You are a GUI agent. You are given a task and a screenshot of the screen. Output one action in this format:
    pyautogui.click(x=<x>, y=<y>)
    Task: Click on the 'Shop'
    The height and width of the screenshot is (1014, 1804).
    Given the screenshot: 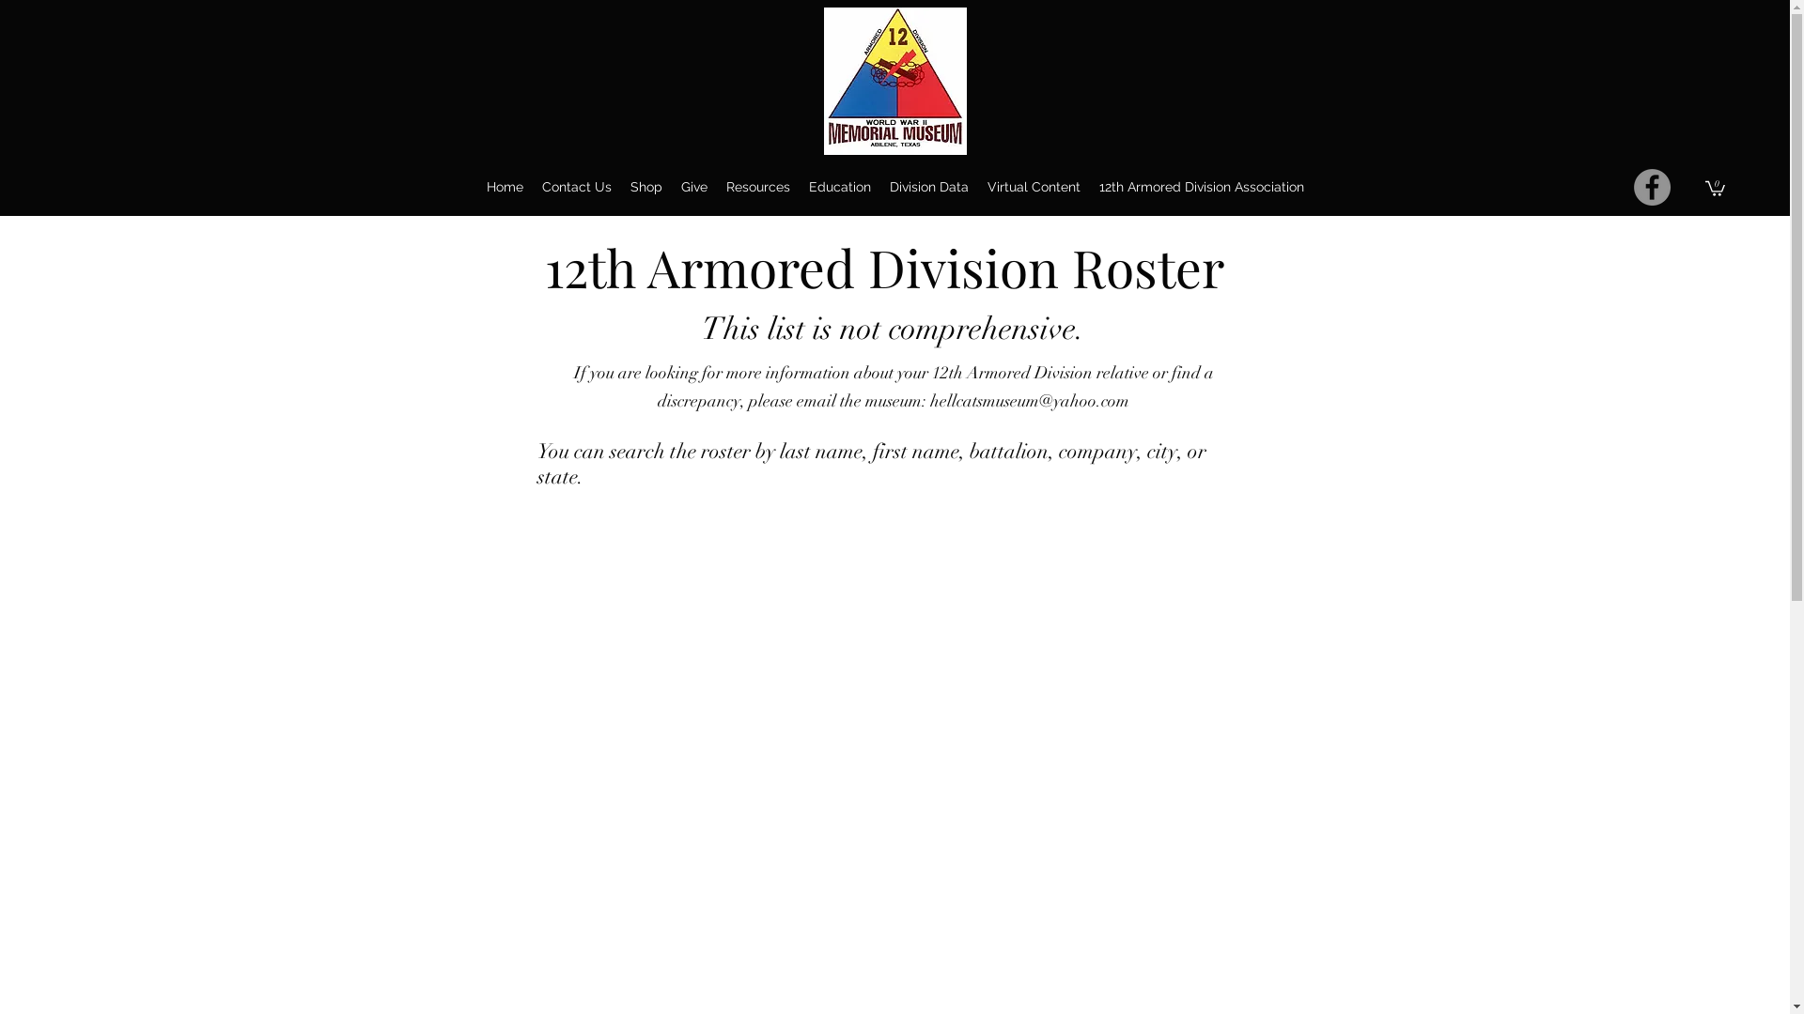 What is the action you would take?
    pyautogui.click(x=645, y=187)
    